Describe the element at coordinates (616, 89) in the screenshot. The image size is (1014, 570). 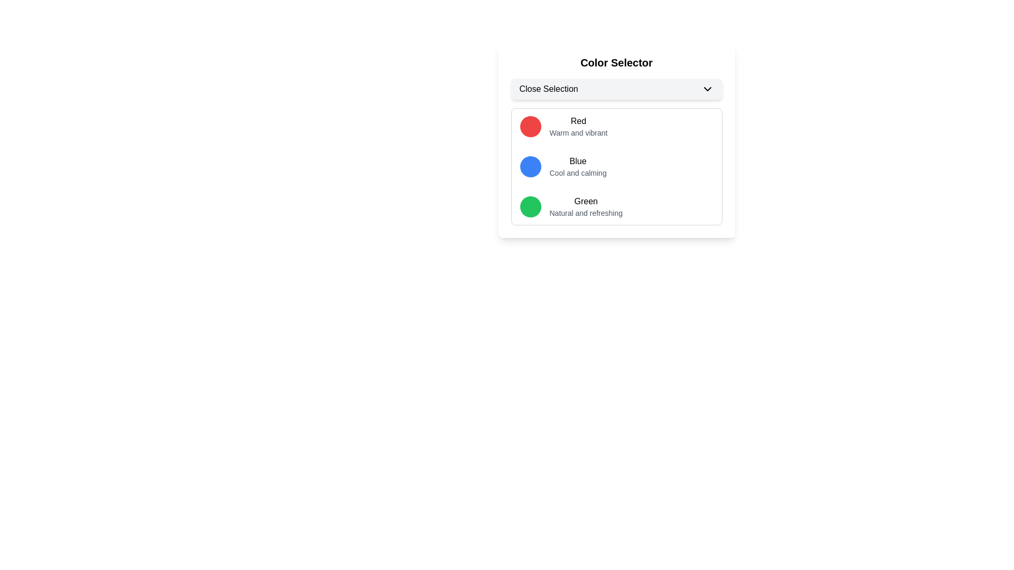
I see `the 'Close Selection' dropdown button with rounded corners and a light gray background` at that location.